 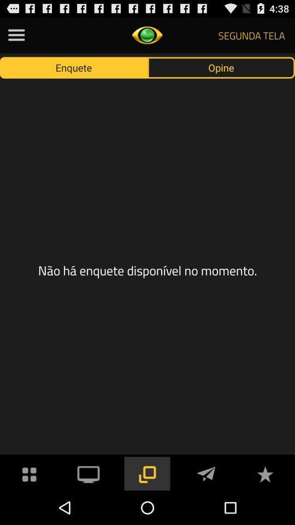 What do you see at coordinates (147, 472) in the screenshot?
I see `shrink` at bounding box center [147, 472].